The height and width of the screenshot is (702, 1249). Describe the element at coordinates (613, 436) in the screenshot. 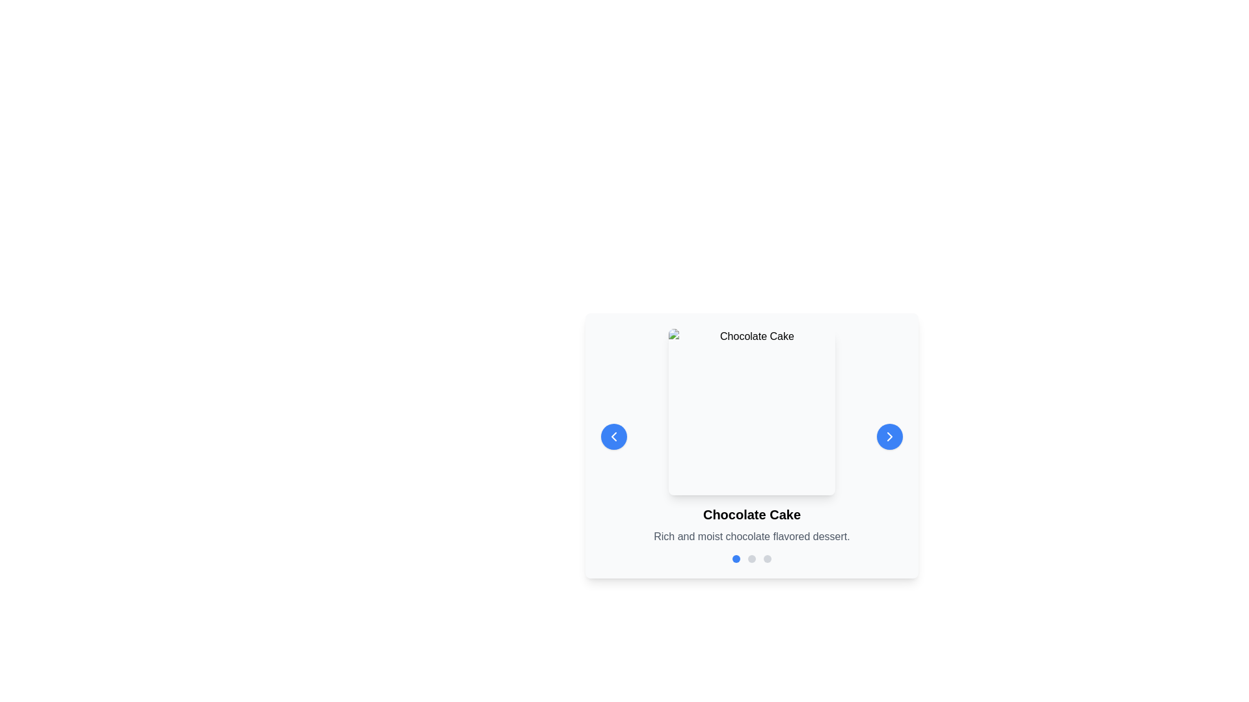

I see `the chevron icon embedded within the circular blue button on the left side of the central card component` at that location.